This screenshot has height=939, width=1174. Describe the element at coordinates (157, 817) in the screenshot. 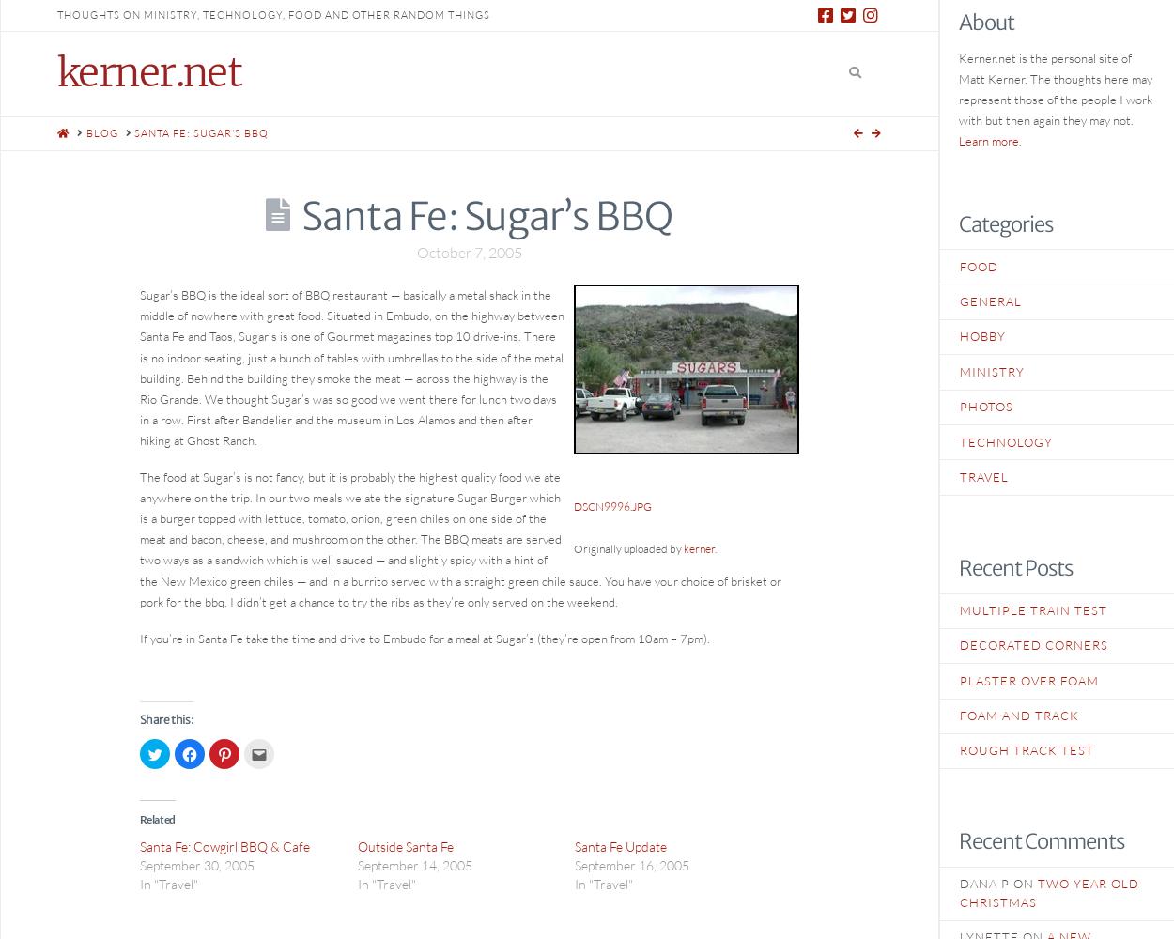

I see `'Related'` at that location.